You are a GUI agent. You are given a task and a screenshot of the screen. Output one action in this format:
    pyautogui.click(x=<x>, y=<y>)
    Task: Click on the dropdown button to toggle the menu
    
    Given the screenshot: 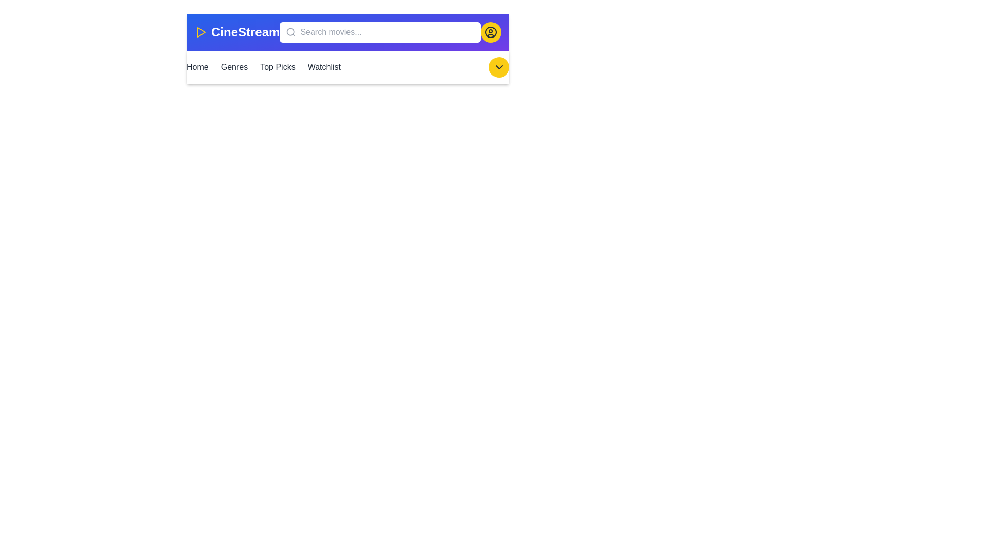 What is the action you would take?
    pyautogui.click(x=499, y=67)
    